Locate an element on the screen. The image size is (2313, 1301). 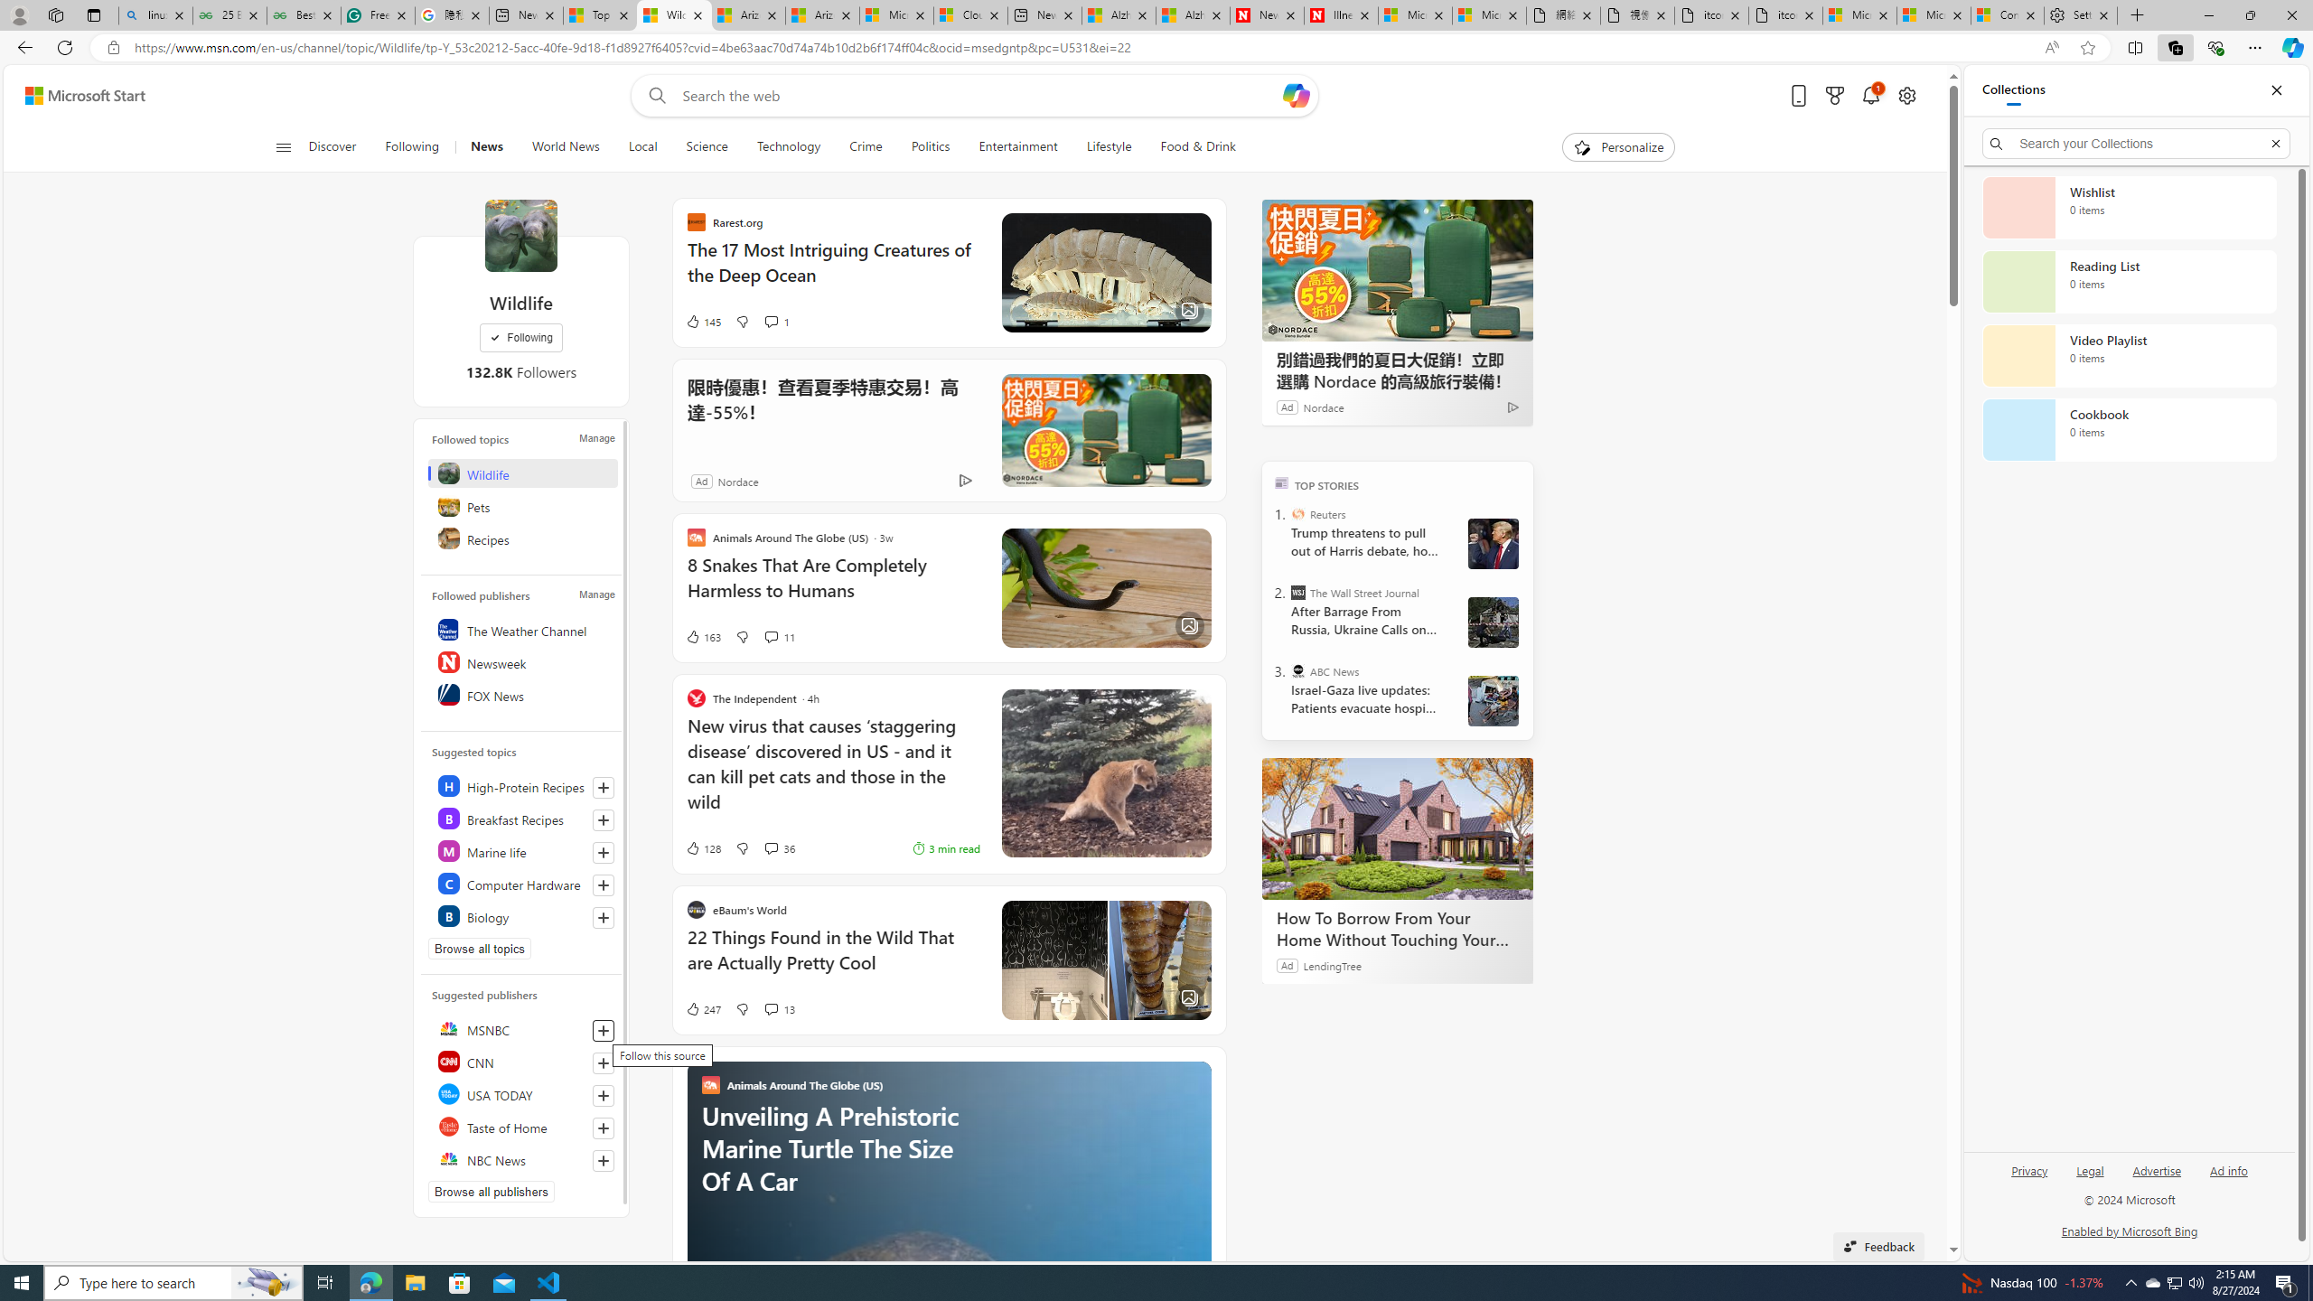
'247 Like' is located at coordinates (703, 1007).